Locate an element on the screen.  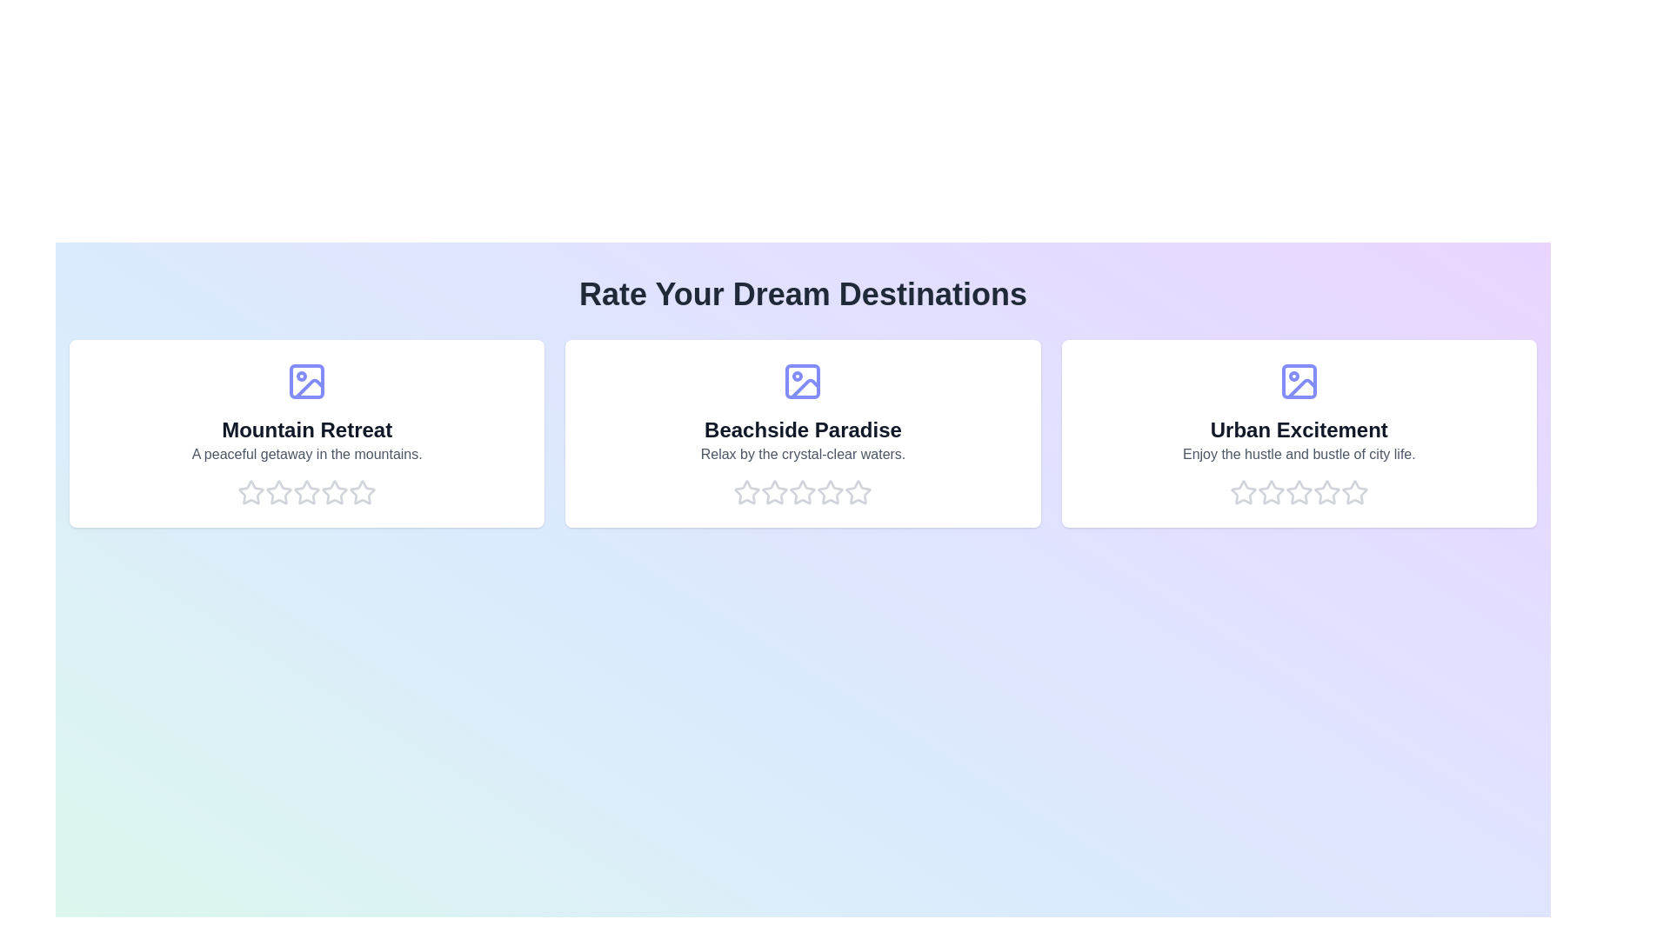
the rating for a destination to 4 stars is located at coordinates (334, 493).